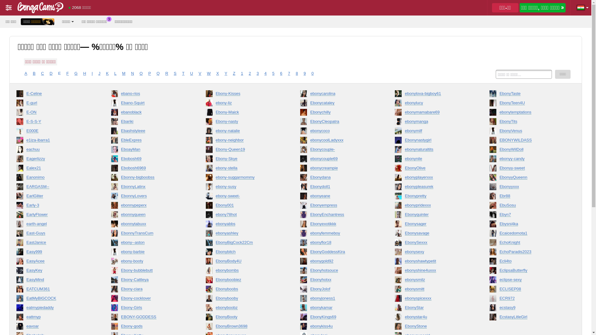  What do you see at coordinates (433, 253) in the screenshot?
I see `'ebonysexy'` at bounding box center [433, 253].